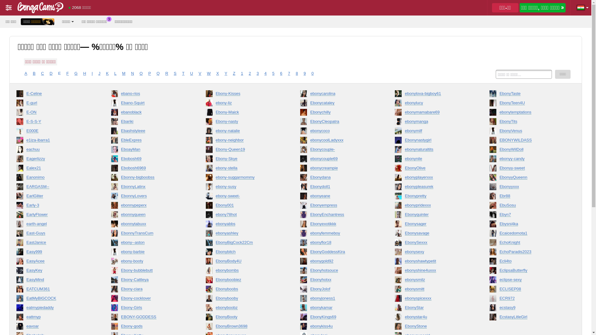  What do you see at coordinates (433, 253) in the screenshot?
I see `'ebonysexy'` at bounding box center [433, 253].